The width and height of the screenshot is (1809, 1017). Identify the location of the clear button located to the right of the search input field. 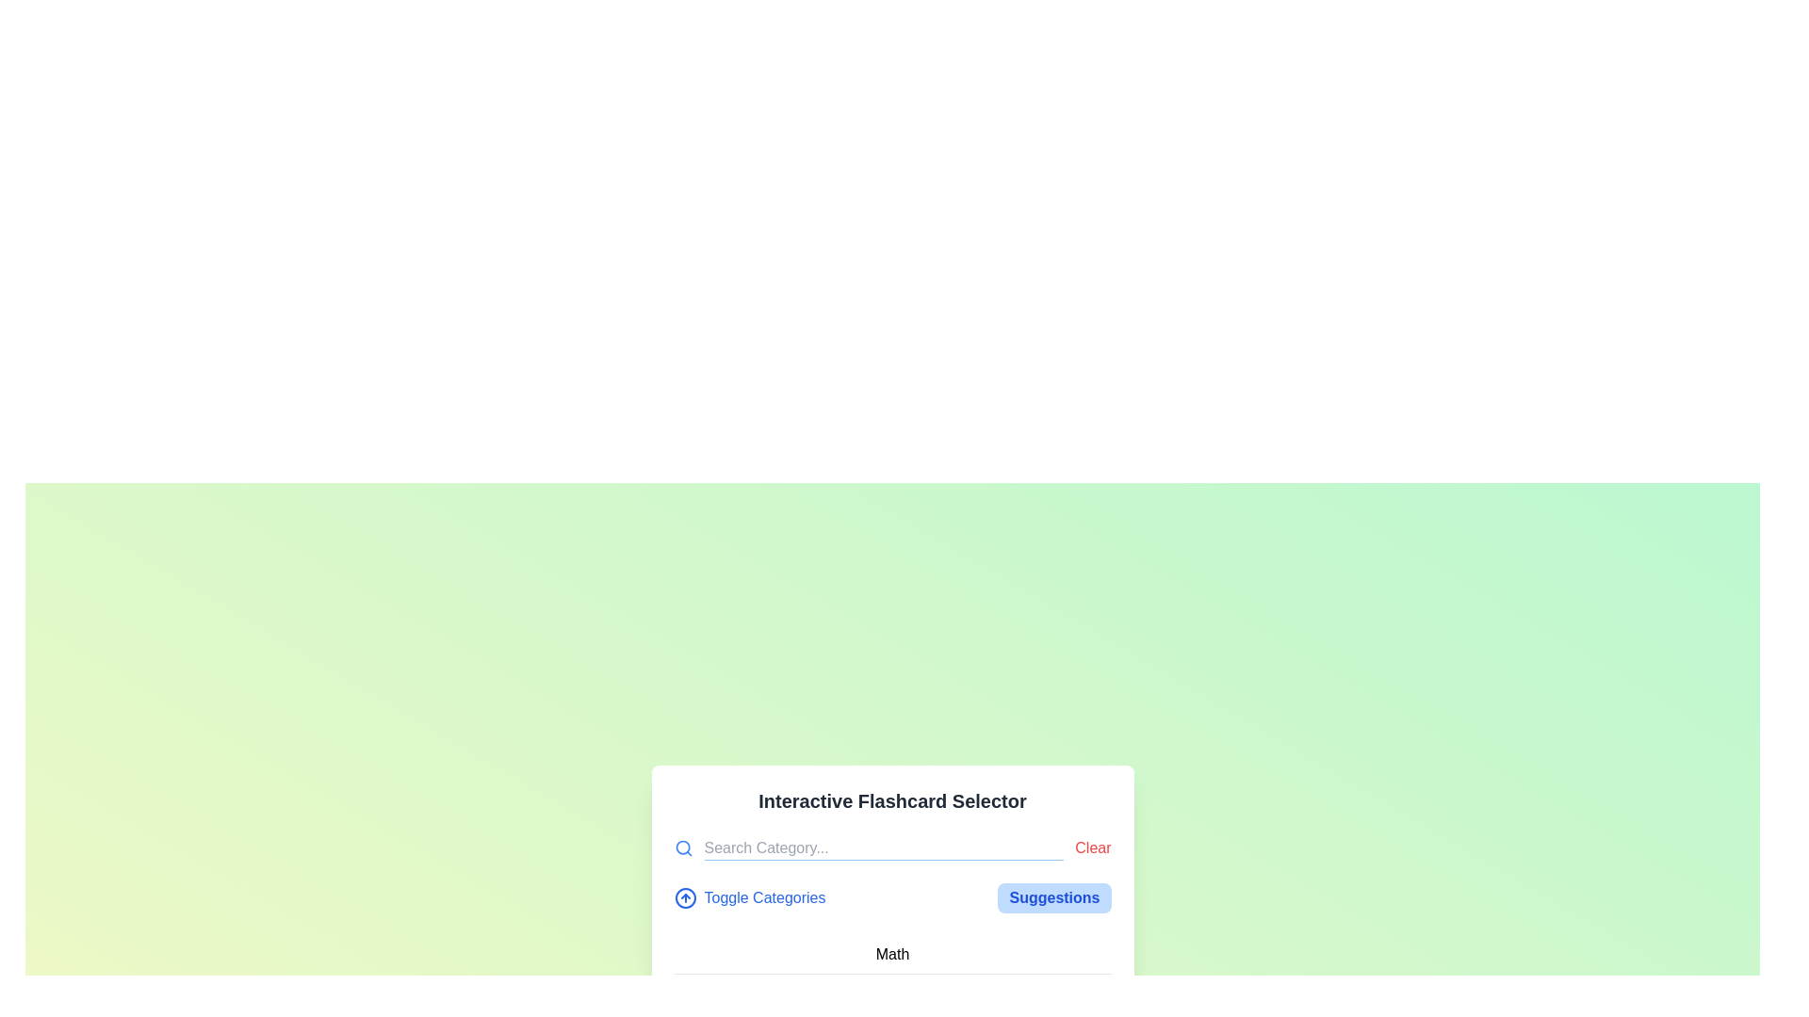
(1093, 848).